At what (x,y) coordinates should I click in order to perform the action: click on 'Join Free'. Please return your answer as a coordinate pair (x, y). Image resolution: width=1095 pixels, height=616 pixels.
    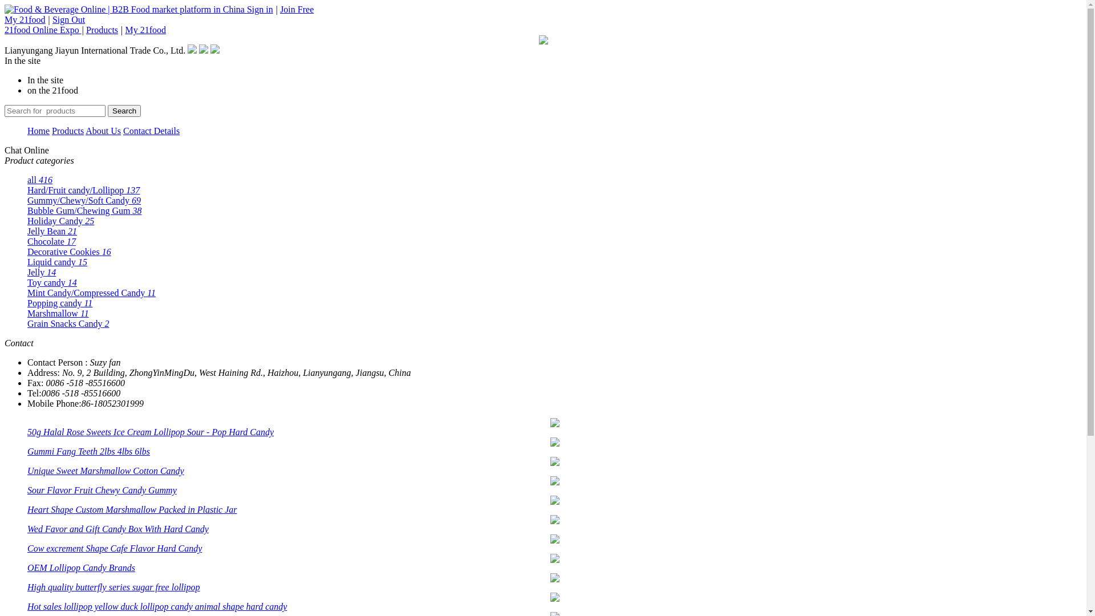
    Looking at the image, I should click on (279, 9).